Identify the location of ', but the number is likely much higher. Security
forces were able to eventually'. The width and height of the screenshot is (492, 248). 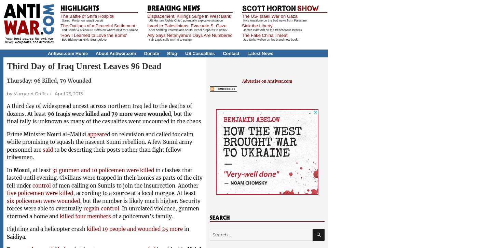
(104, 204).